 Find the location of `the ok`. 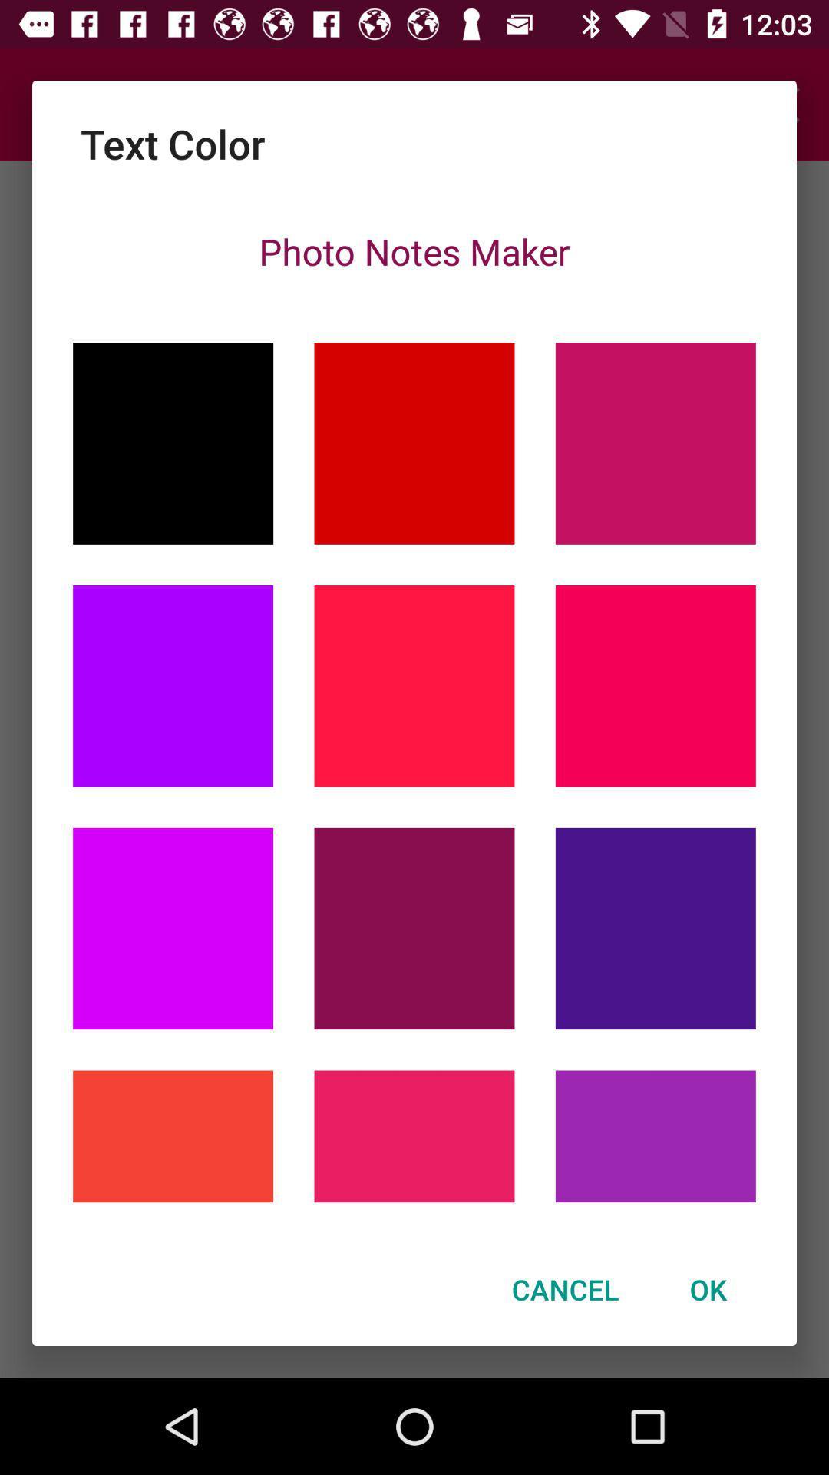

the ok is located at coordinates (708, 1289).